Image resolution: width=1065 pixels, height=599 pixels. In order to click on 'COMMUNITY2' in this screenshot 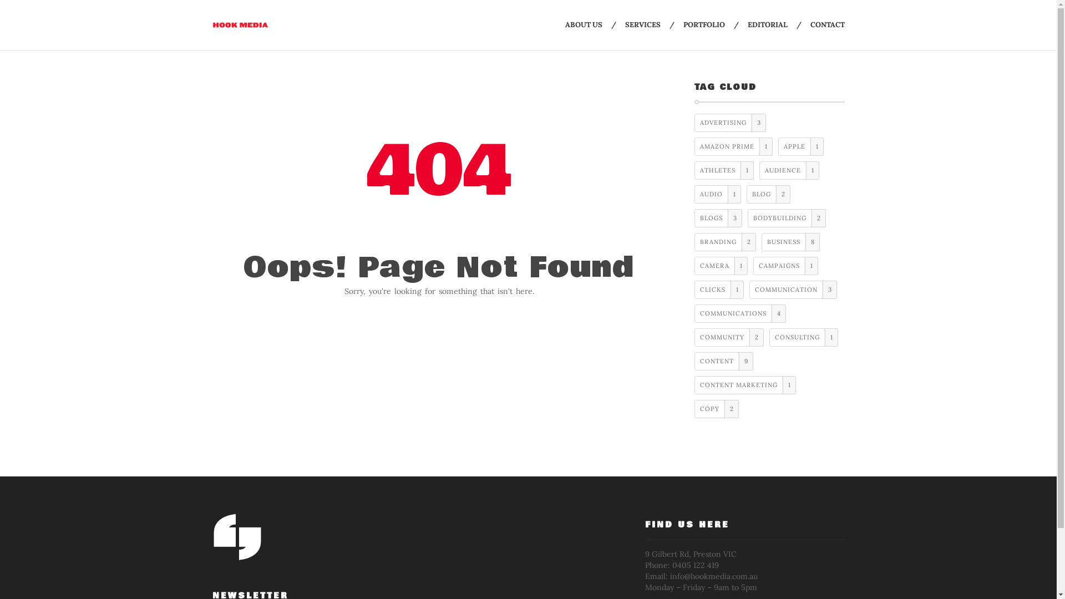, I will do `click(729, 337)`.